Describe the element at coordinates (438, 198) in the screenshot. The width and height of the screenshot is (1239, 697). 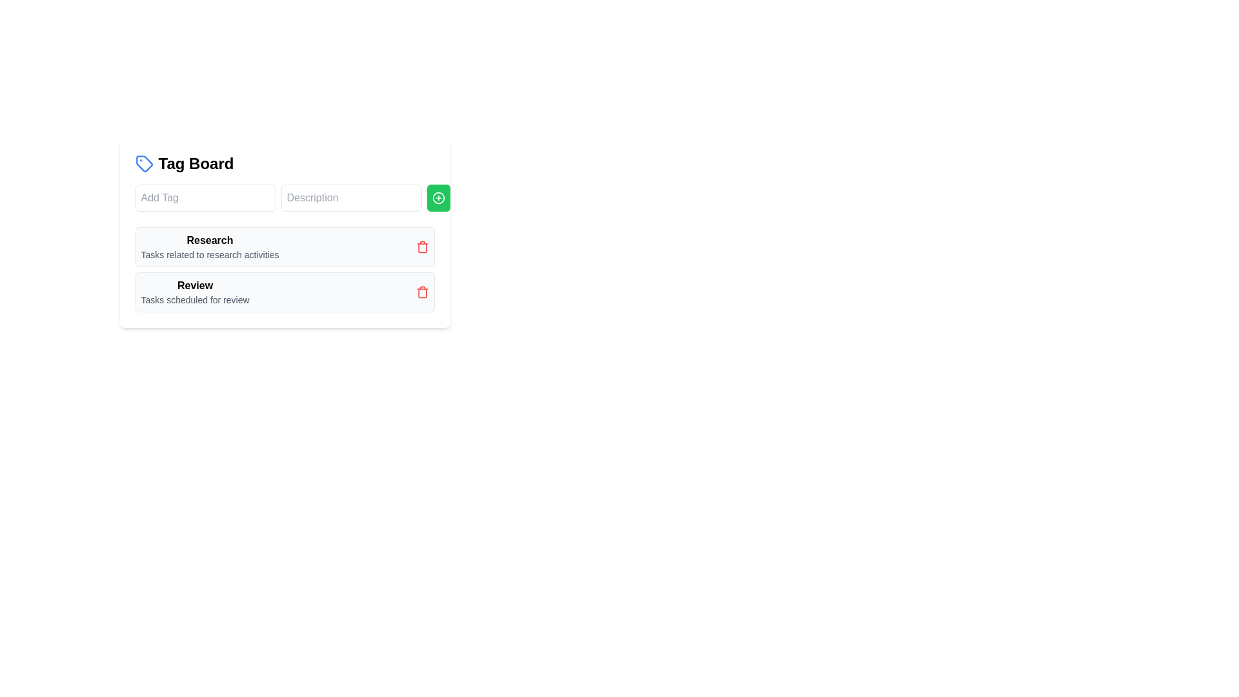
I see `the icon button for adding a new tag located within the green rounded rectangle beside the input fields labeled 'Add Tag' and 'Description'` at that location.